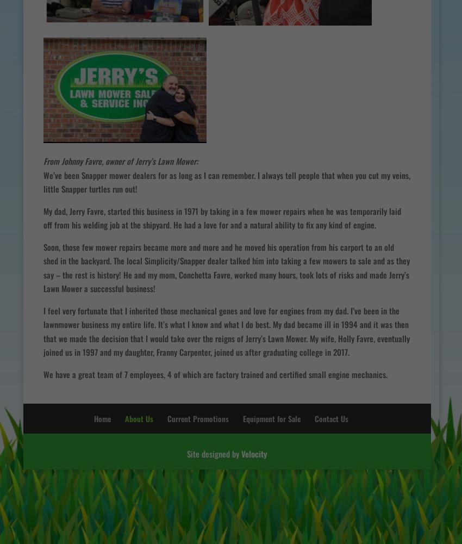 Image resolution: width=462 pixels, height=544 pixels. What do you see at coordinates (139, 418) in the screenshot?
I see `'About Us'` at bounding box center [139, 418].